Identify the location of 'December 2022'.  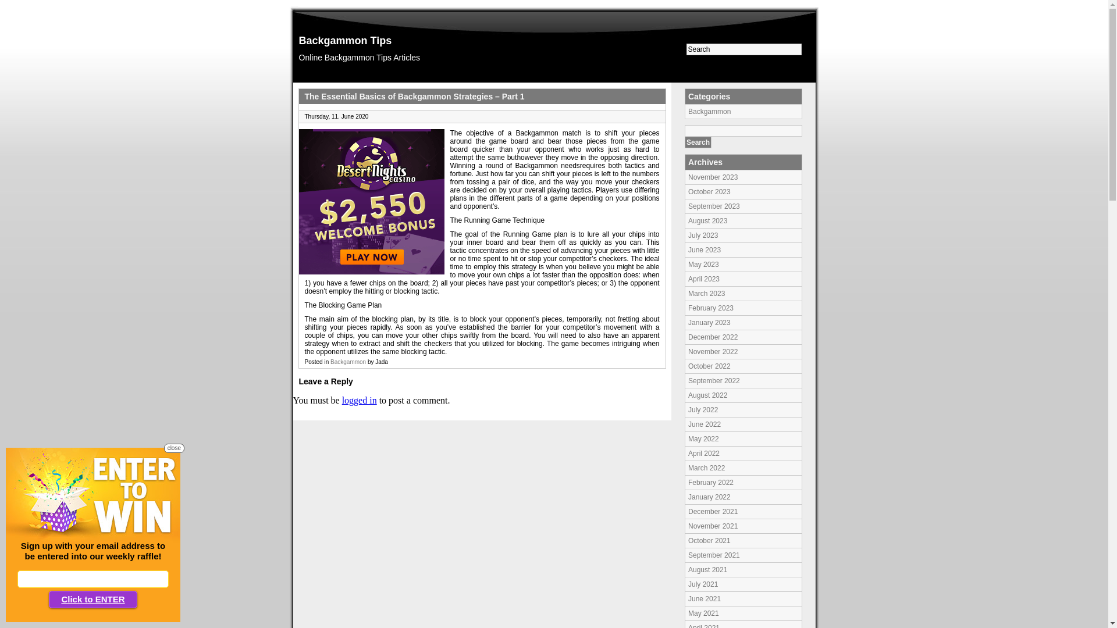
(688, 337).